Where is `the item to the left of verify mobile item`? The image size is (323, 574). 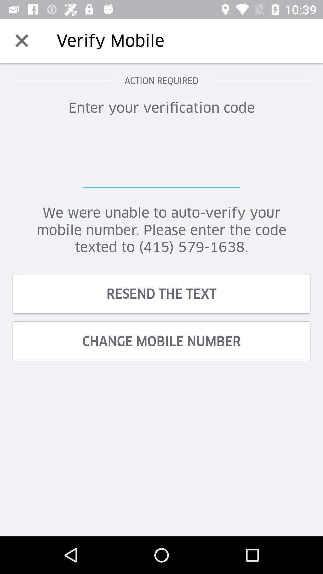 the item to the left of verify mobile item is located at coordinates (22, 40).